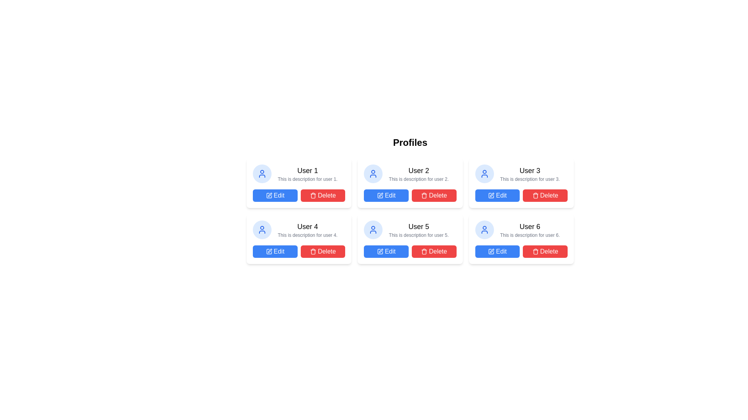 Image resolution: width=748 pixels, height=420 pixels. What do you see at coordinates (269, 195) in the screenshot?
I see `the decorative icon of the 'Edit' button for 'User 5' located at the center-bottom of the grid layout` at bounding box center [269, 195].